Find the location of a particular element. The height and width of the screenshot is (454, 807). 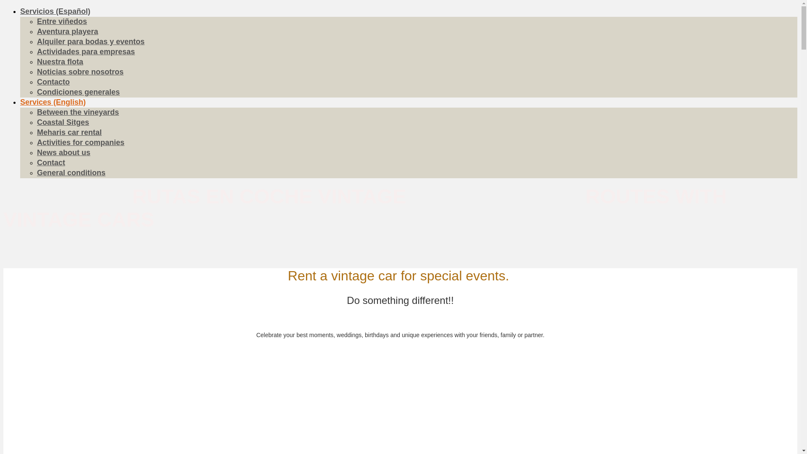

'Between the vineyards' is located at coordinates (78, 111).